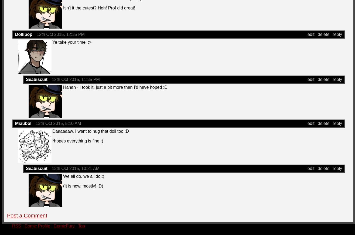  Describe the element at coordinates (76, 79) in the screenshot. I see `'12th Oct 2015, 11:35 PM'` at that location.